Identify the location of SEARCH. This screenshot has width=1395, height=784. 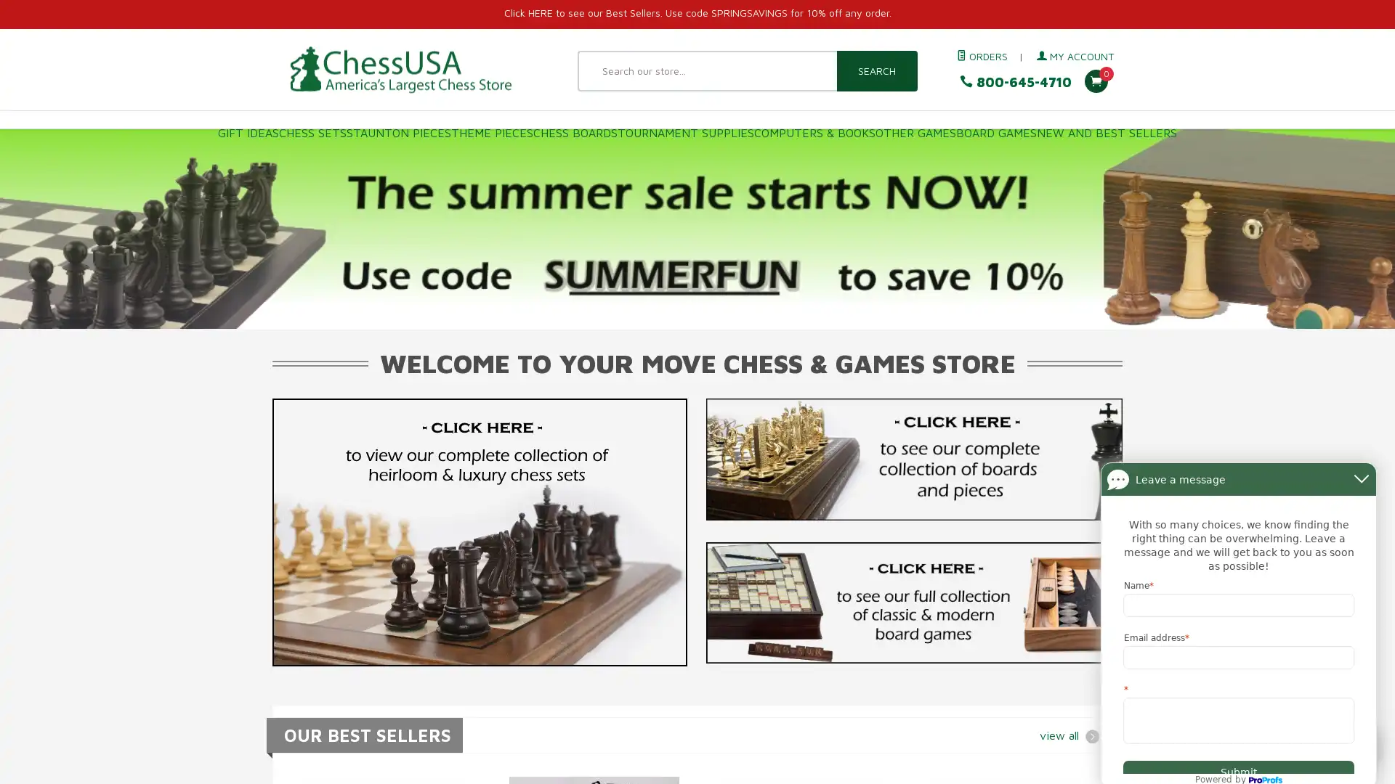
(876, 70).